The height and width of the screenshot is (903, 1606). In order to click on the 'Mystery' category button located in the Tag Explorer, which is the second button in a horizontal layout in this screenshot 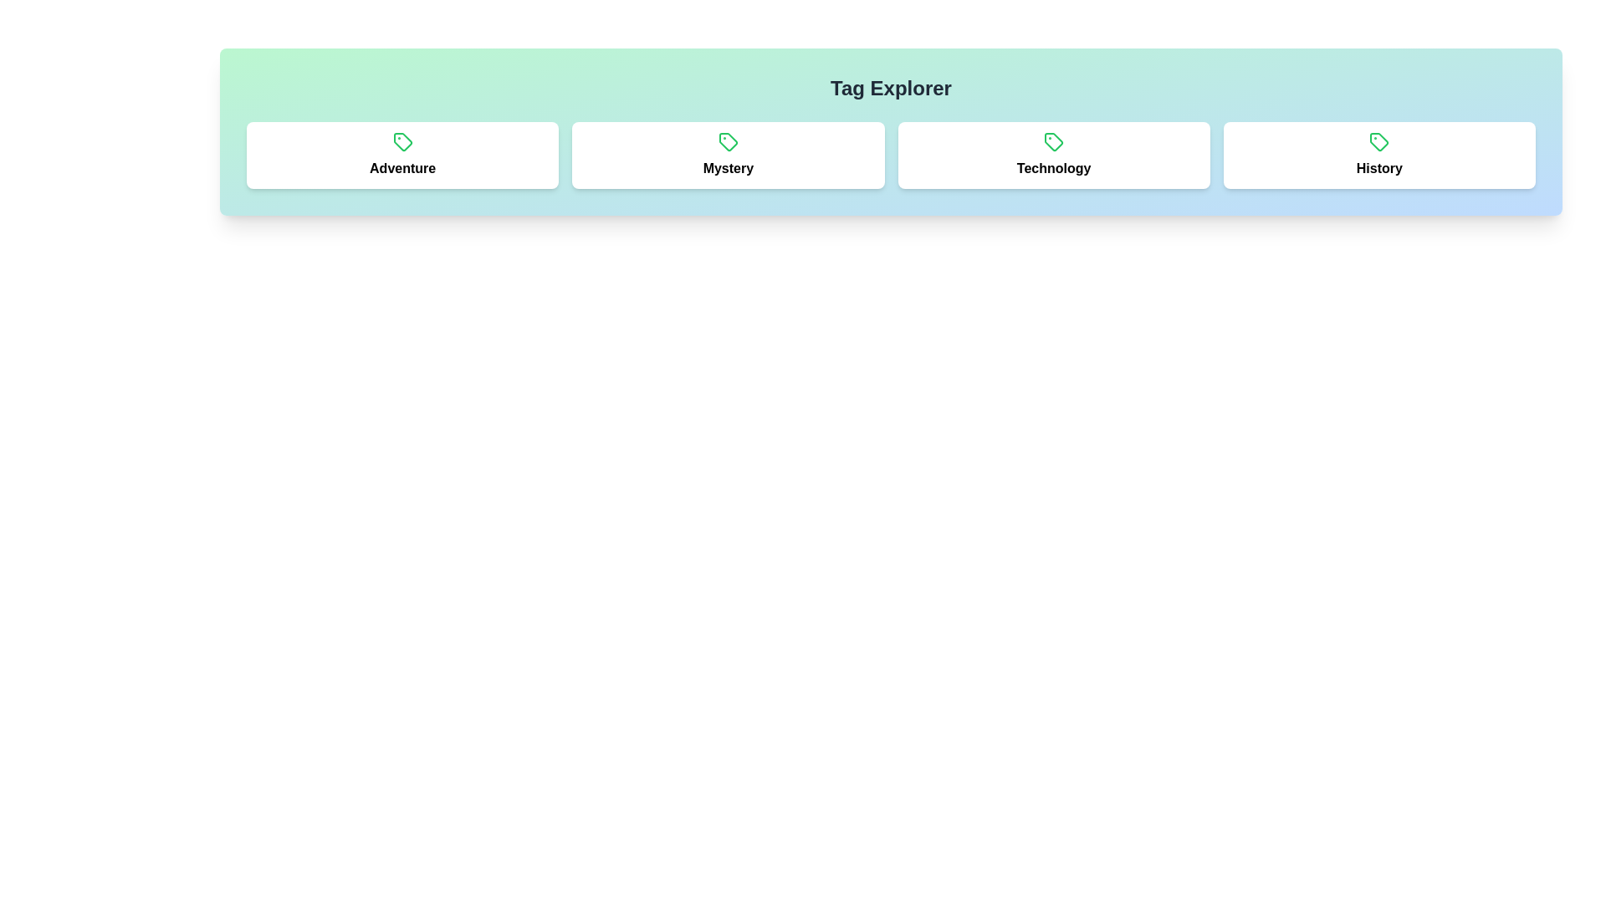, I will do `click(728, 155)`.